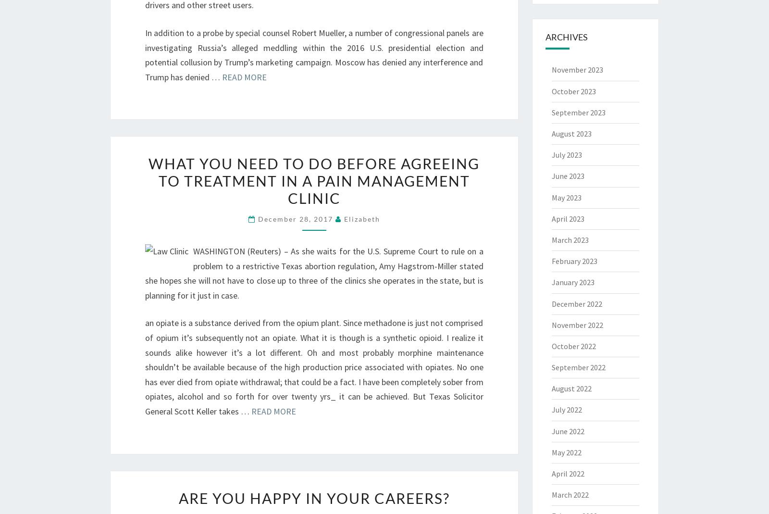 The height and width of the screenshot is (514, 769). I want to click on 'May 2023', so click(551, 197).